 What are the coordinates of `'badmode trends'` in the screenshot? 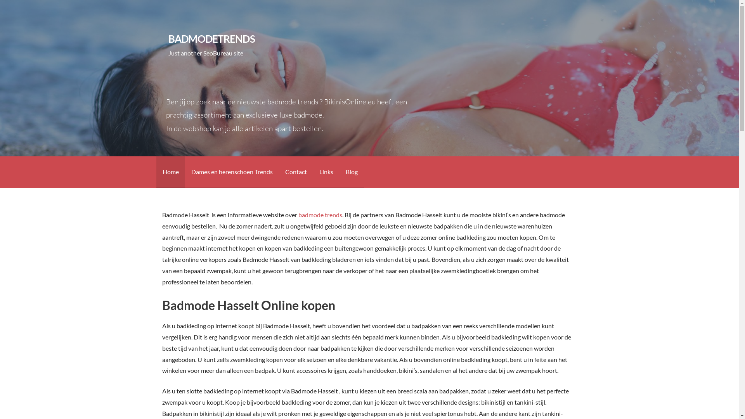 It's located at (298, 215).